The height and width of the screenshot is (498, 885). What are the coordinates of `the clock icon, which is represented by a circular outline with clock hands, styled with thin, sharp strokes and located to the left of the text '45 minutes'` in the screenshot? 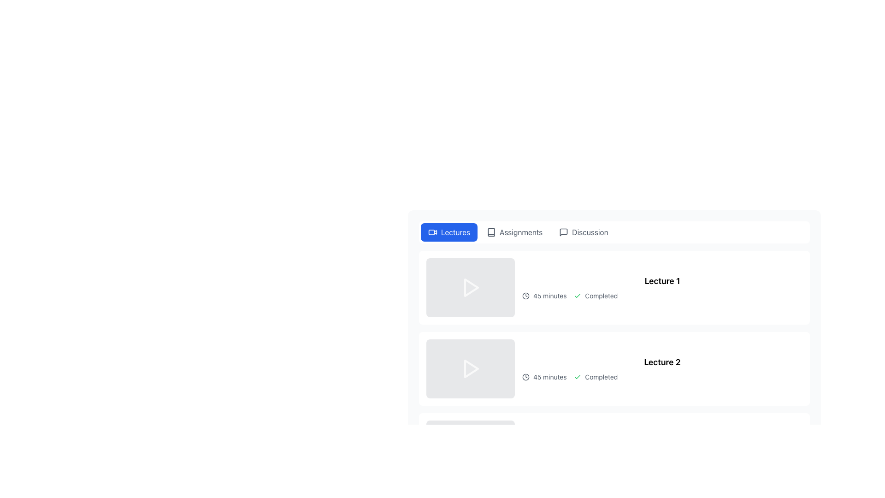 It's located at (526, 377).